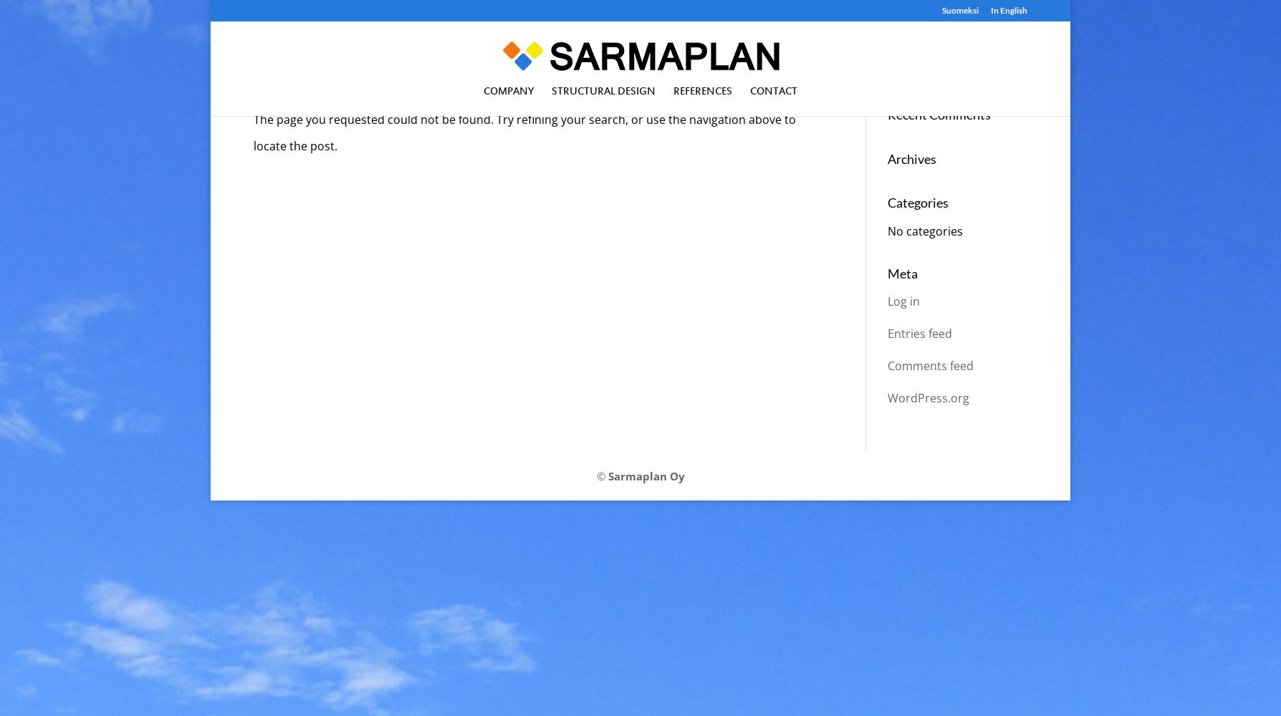 This screenshot has height=716, width=1281. Describe the element at coordinates (673, 92) in the screenshot. I see `'References'` at that location.